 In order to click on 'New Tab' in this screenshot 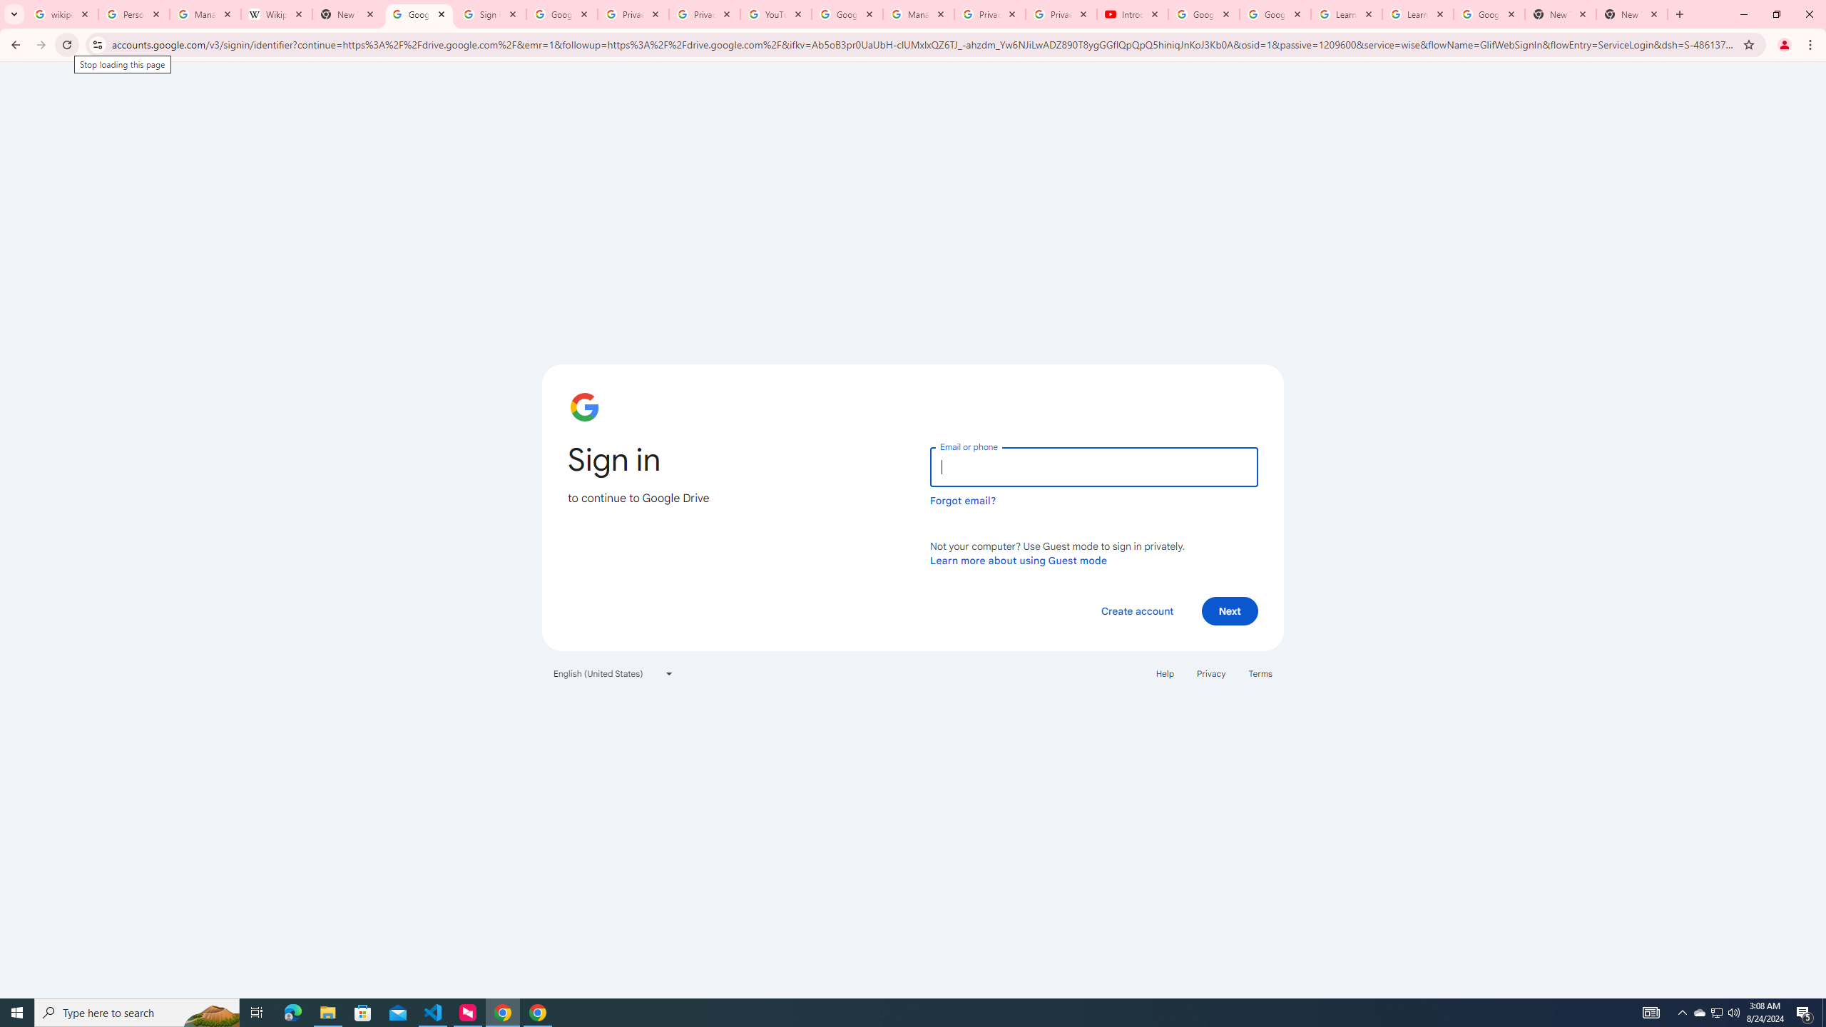, I will do `click(1631, 14)`.